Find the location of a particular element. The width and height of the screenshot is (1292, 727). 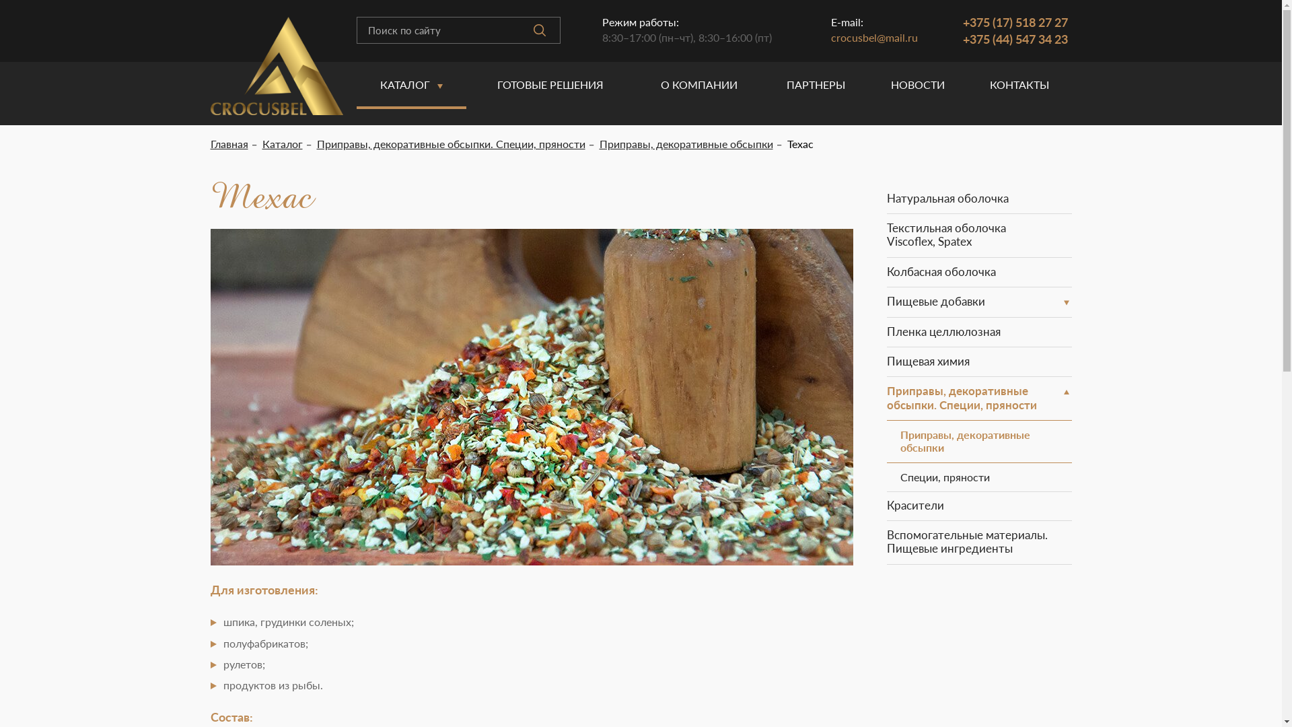

'+375 (44) 547 34 23' is located at coordinates (1015, 38).